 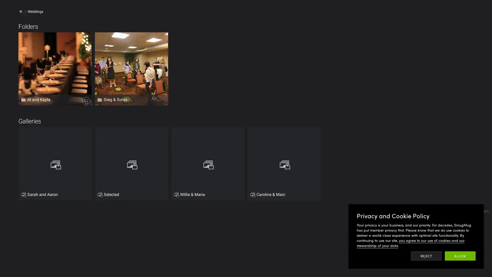 I want to click on REJECT, so click(x=426, y=256).